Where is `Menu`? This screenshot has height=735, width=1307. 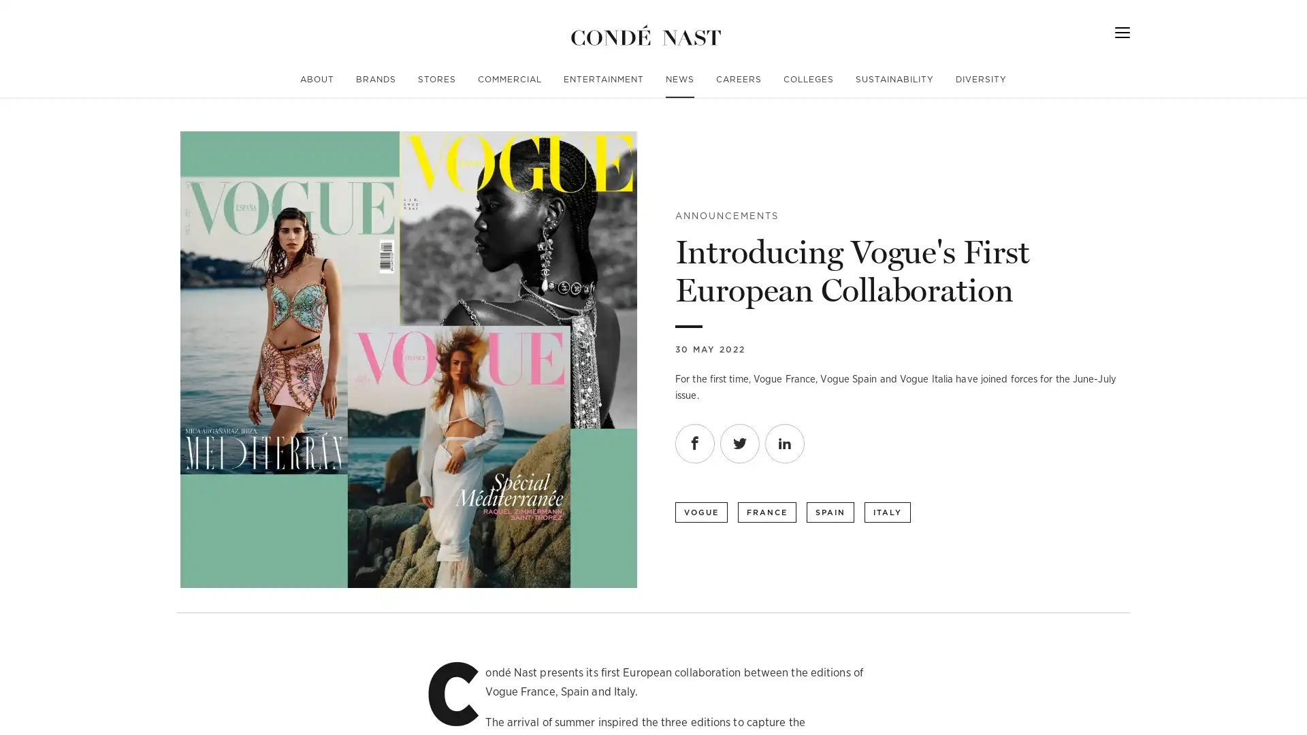 Menu is located at coordinates (1123, 33).